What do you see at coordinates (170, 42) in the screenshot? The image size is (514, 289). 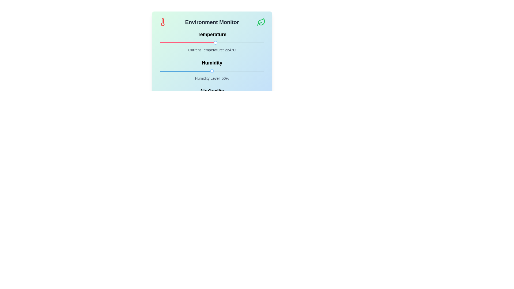 I see `the temperature` at bounding box center [170, 42].